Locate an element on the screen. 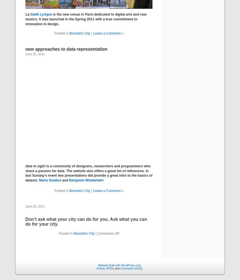 This screenshot has width=240, height=280. 'Entries (RSS)' is located at coordinates (105, 268).